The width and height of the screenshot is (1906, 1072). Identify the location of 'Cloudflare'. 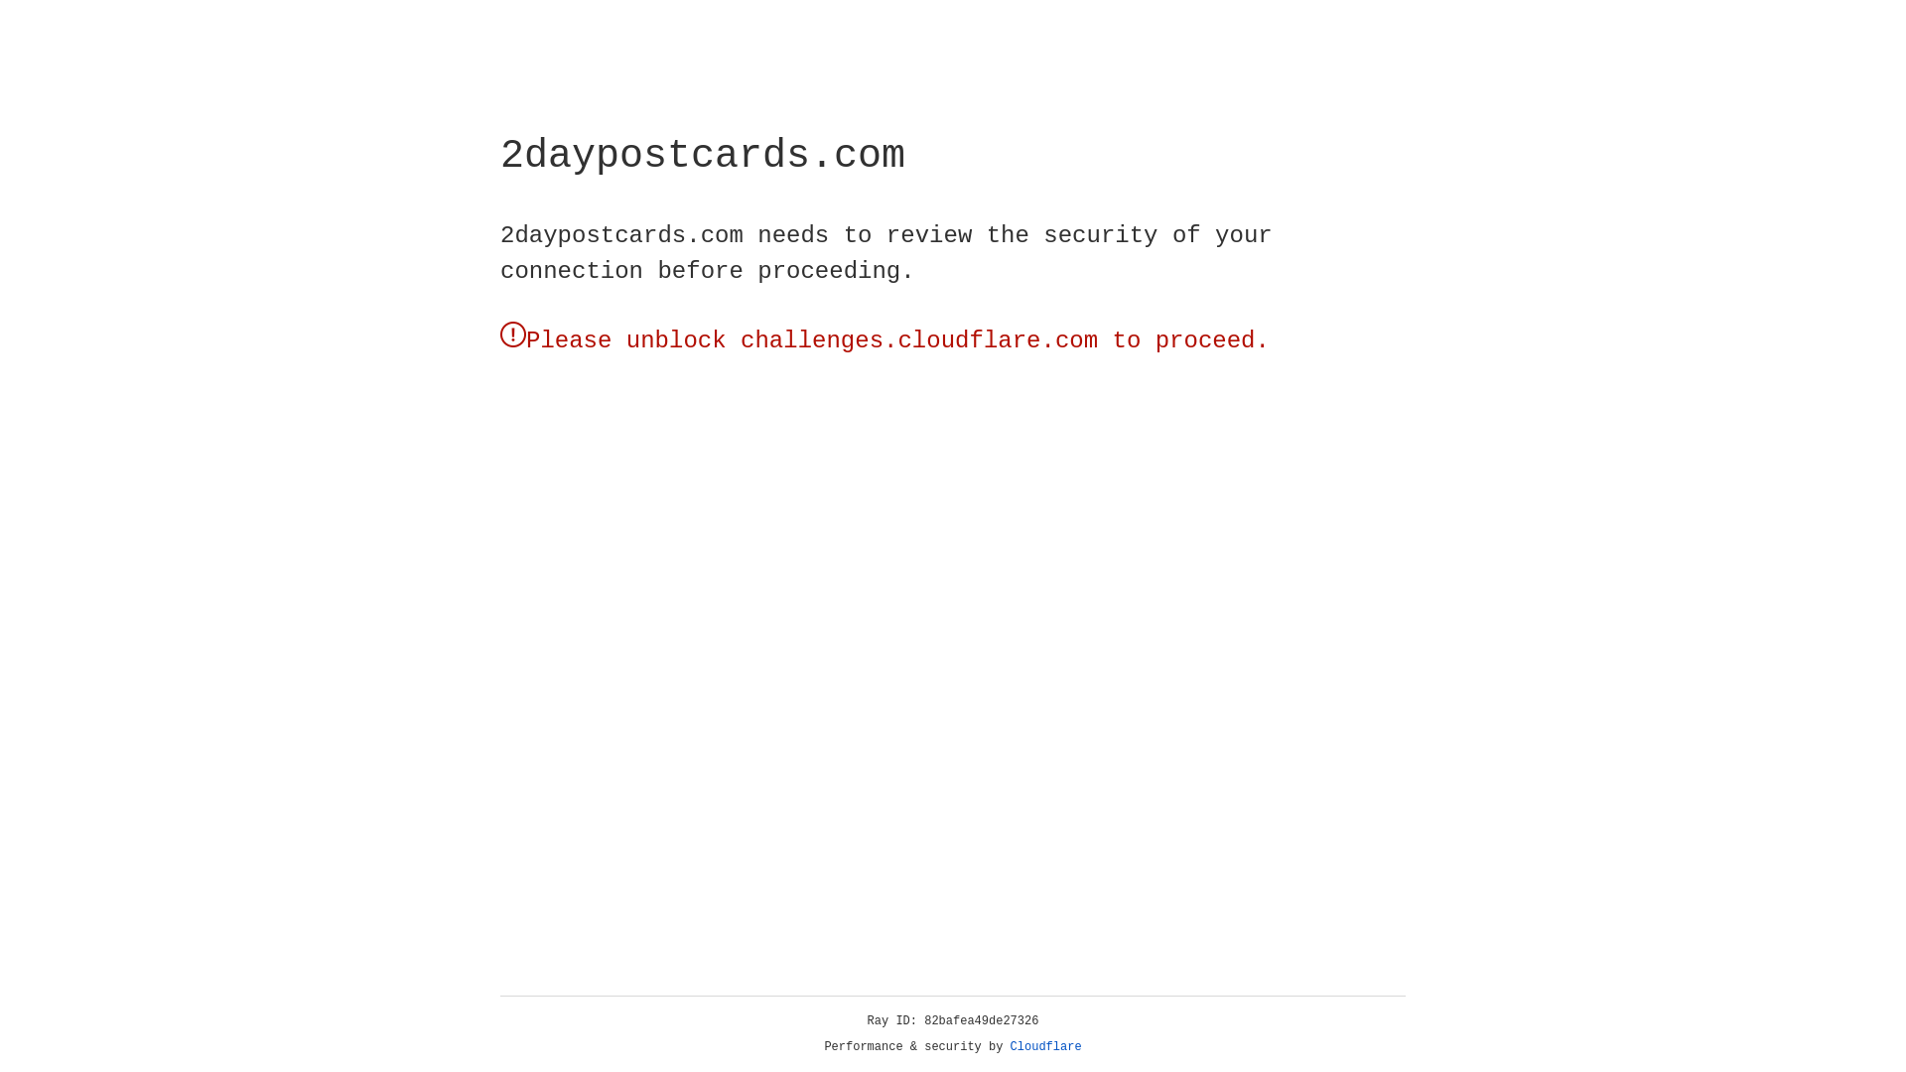
(1045, 1046).